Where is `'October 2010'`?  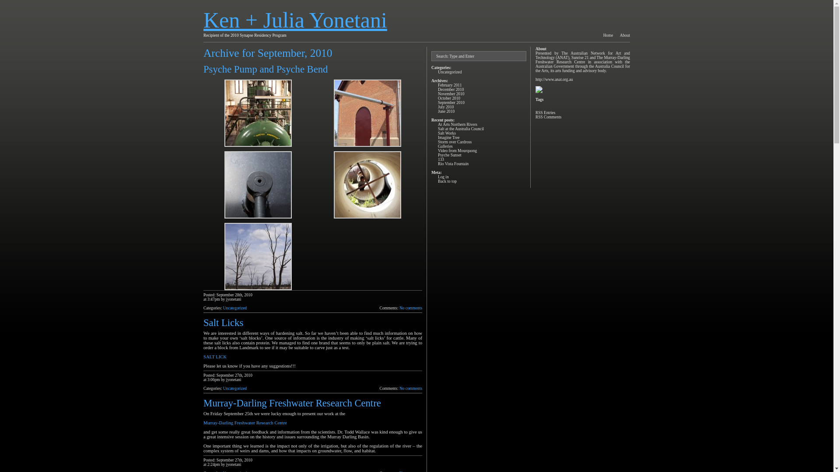
'October 2010' is located at coordinates (438, 98).